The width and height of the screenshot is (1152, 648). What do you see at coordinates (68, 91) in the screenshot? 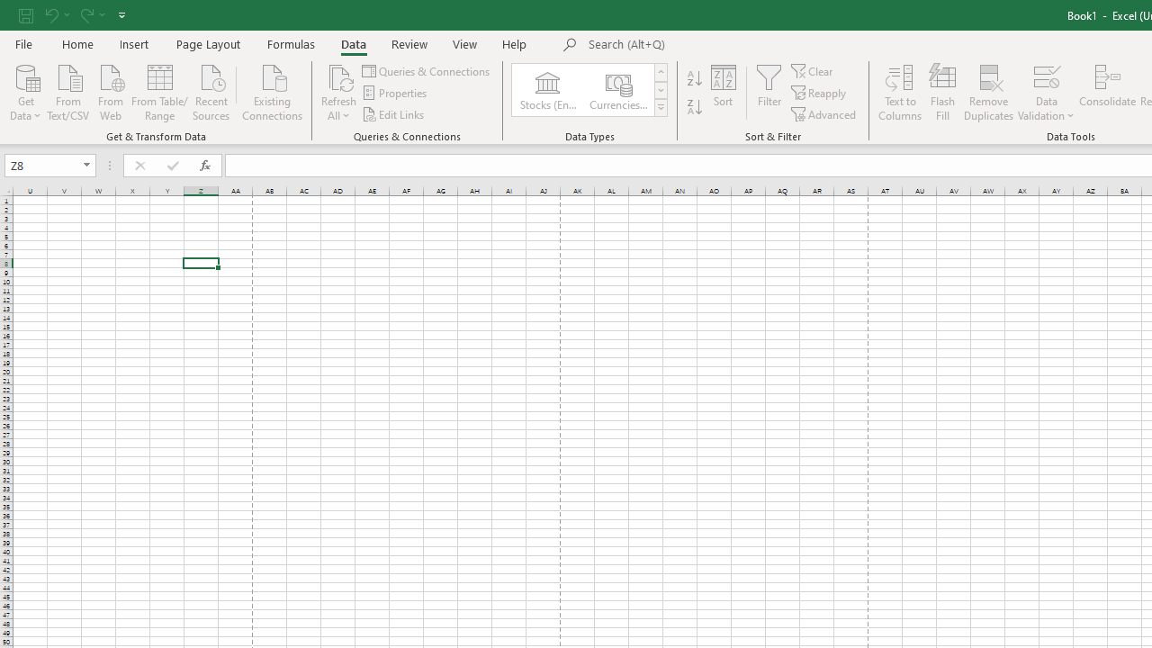
I see `'From Text/CSV'` at bounding box center [68, 91].